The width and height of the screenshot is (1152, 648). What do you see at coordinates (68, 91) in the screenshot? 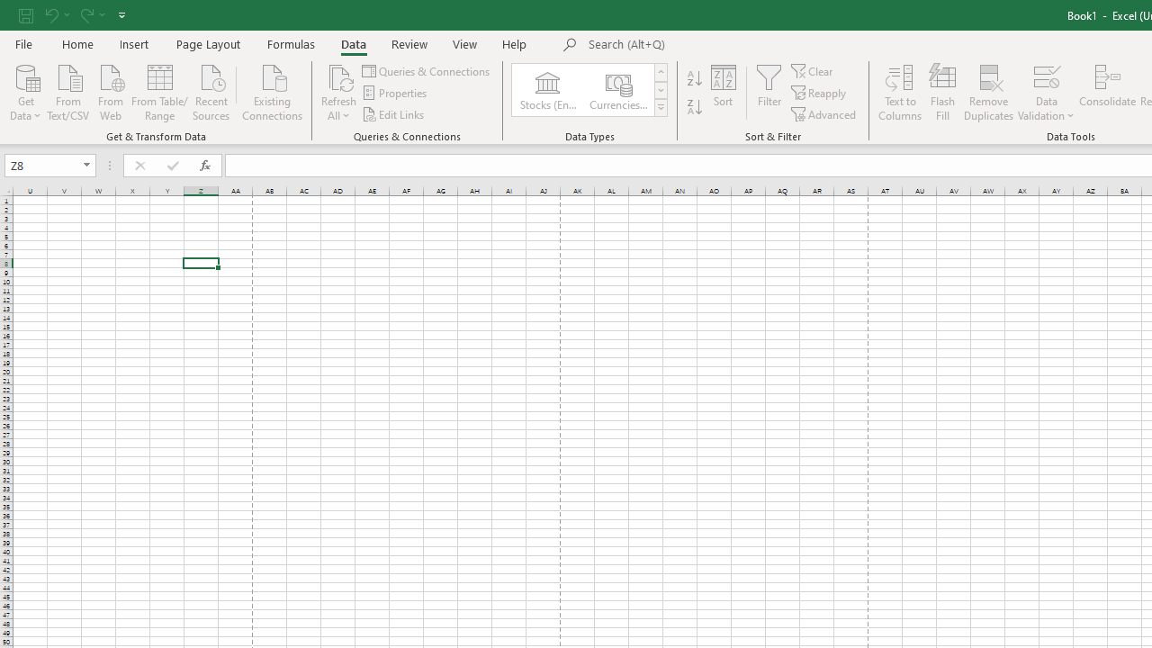
I see `'From Text/CSV'` at bounding box center [68, 91].